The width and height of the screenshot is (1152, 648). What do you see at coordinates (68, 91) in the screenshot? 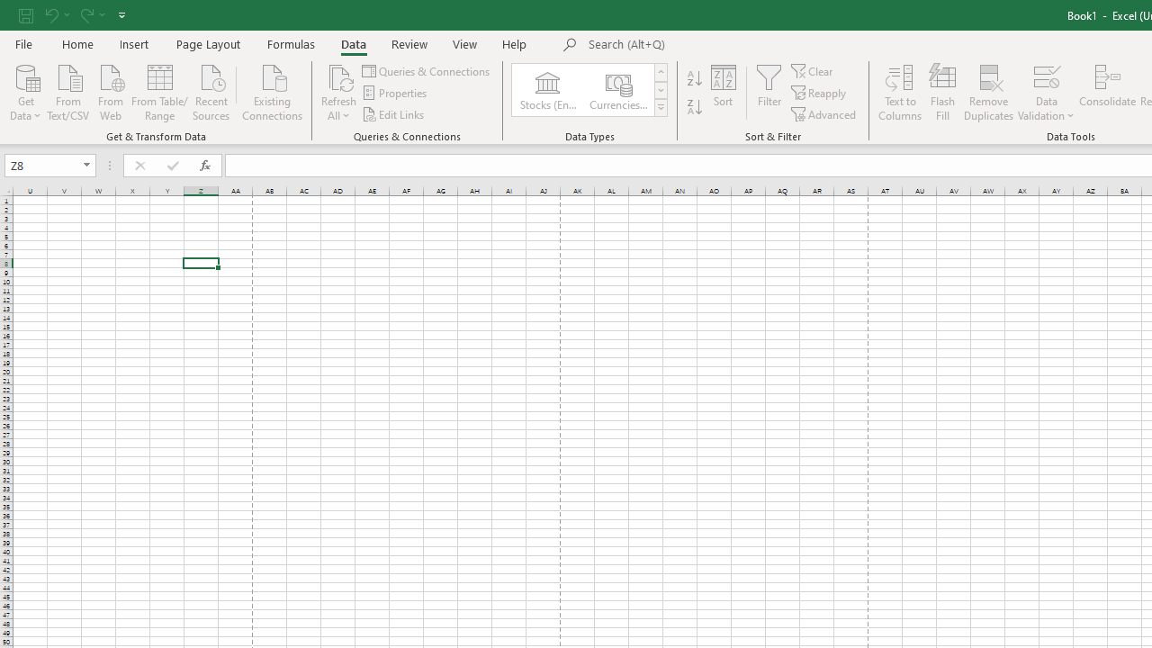
I see `'From Text/CSV'` at bounding box center [68, 91].